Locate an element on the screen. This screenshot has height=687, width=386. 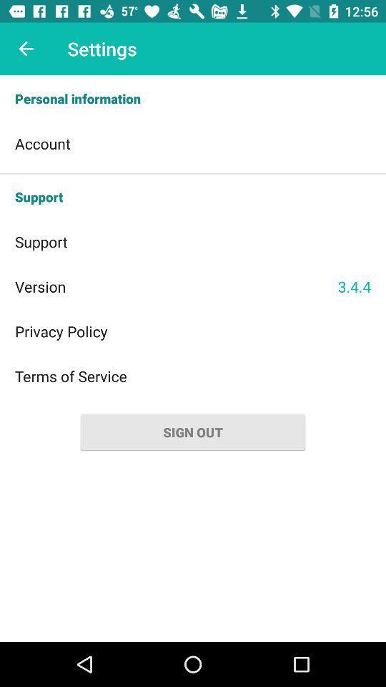
privacy policy icon is located at coordinates (193, 331).